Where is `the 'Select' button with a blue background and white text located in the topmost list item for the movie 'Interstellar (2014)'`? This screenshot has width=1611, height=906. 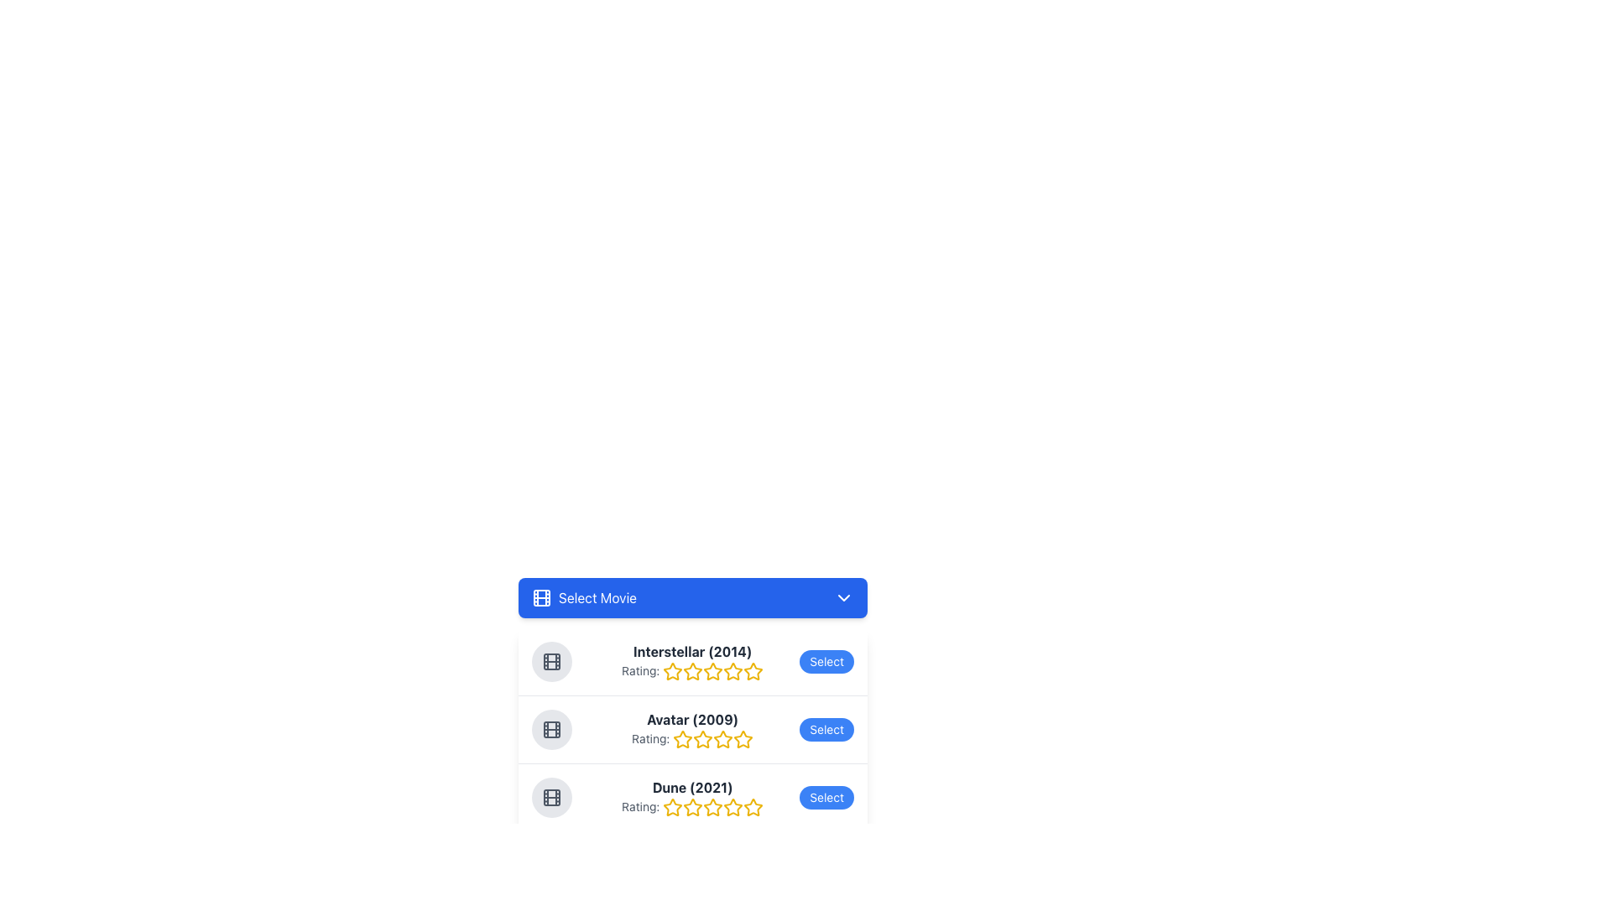 the 'Select' button with a blue background and white text located in the topmost list item for the movie 'Interstellar (2014)' is located at coordinates (826, 661).